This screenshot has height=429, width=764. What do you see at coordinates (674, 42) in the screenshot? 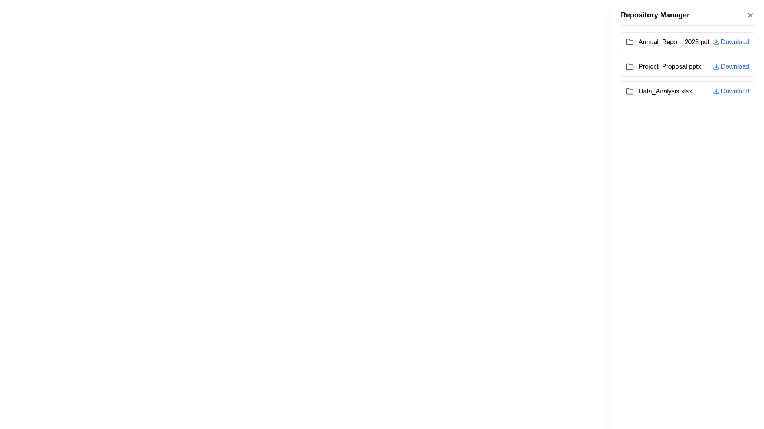
I see `the text label displaying the file name 'Annual_Report_2023.pdf', which is the first file listed in the repository manager interface, located to the right of a folder icon` at bounding box center [674, 42].